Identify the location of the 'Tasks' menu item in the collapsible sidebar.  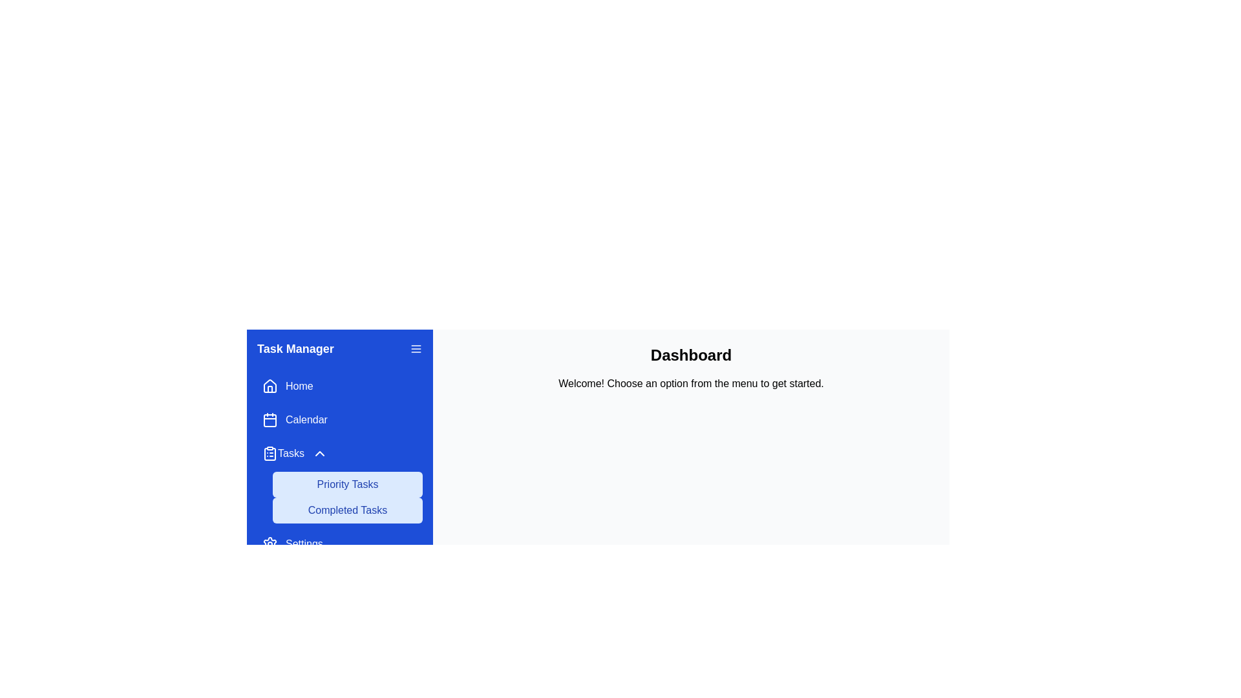
(294, 453).